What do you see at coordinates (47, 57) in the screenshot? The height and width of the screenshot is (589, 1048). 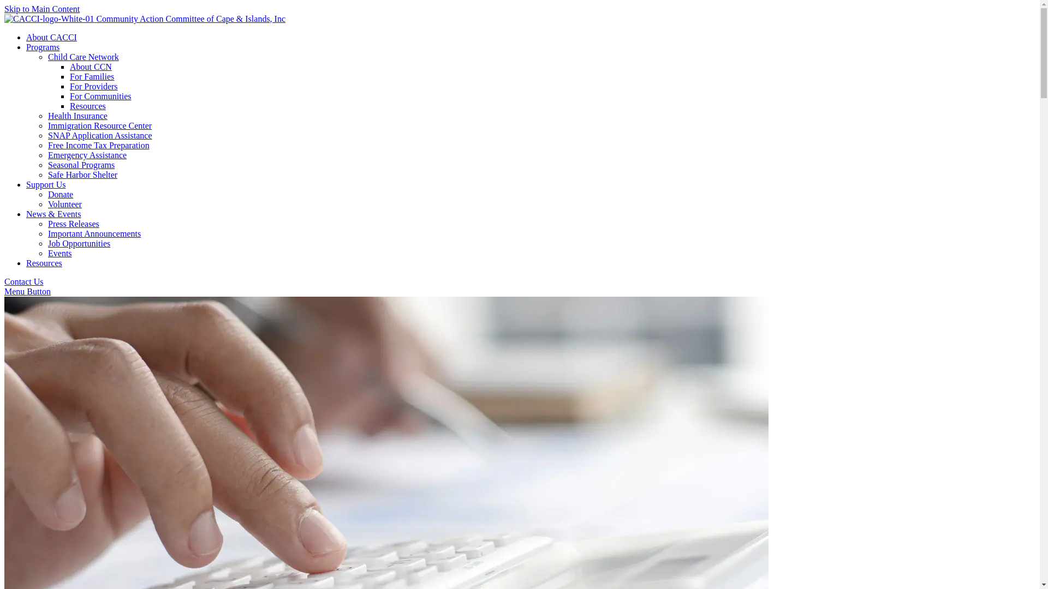 I see `'Child Care Network'` at bounding box center [47, 57].